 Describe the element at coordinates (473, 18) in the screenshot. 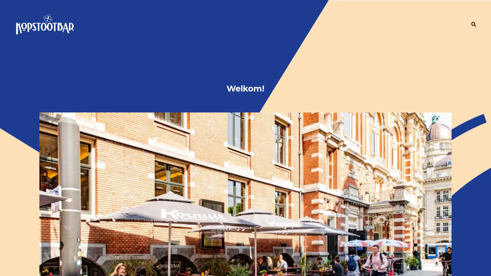

I see `ZOEKEN` at that location.